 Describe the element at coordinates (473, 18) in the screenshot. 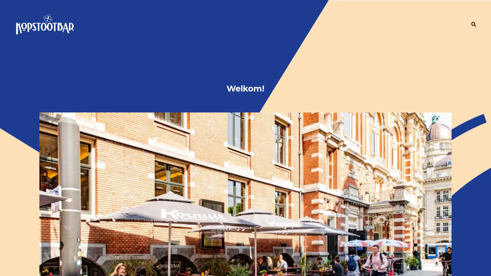

I see `ZOEKEN` at that location.